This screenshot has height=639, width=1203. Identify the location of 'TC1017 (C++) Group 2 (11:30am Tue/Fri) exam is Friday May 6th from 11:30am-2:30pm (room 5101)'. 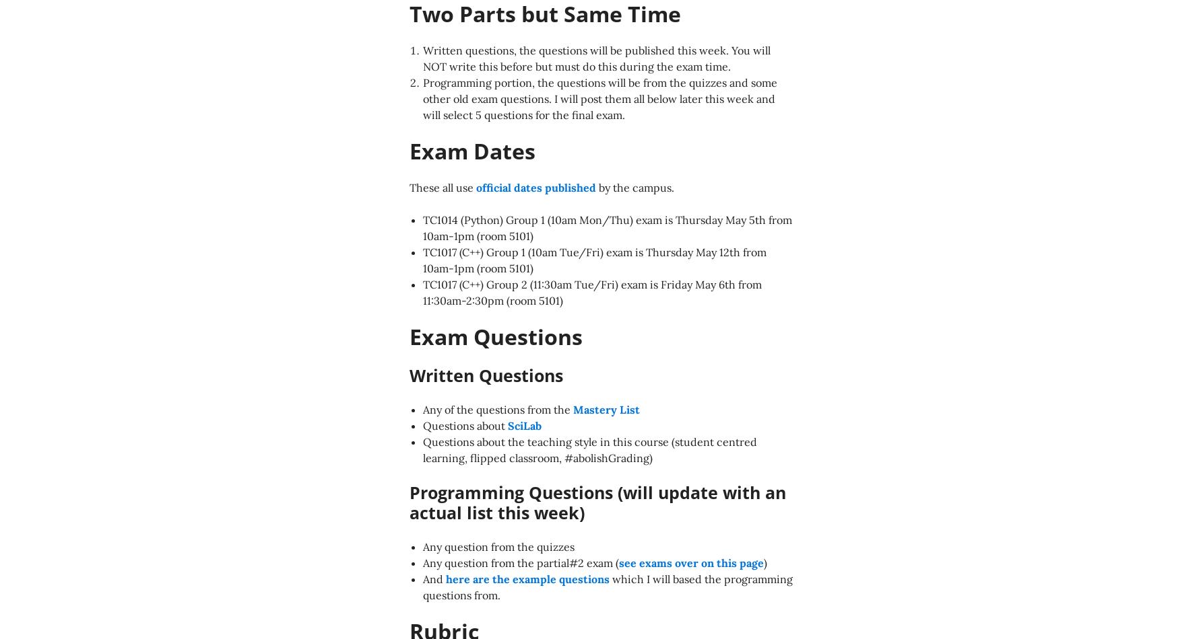
(591, 292).